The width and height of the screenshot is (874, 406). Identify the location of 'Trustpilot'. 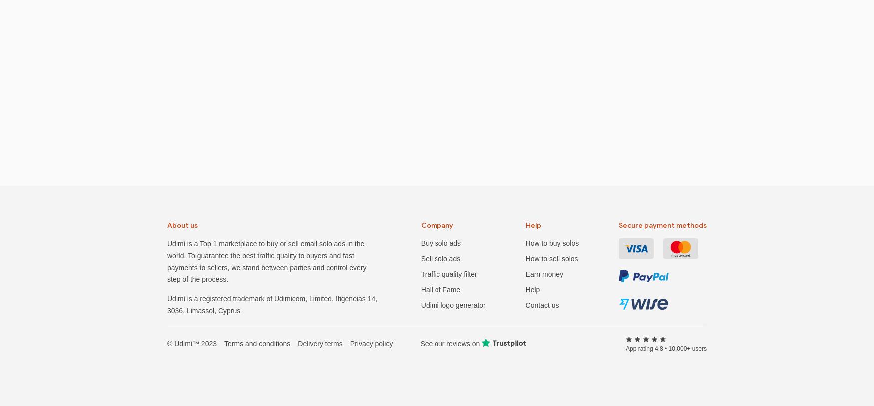
(509, 343).